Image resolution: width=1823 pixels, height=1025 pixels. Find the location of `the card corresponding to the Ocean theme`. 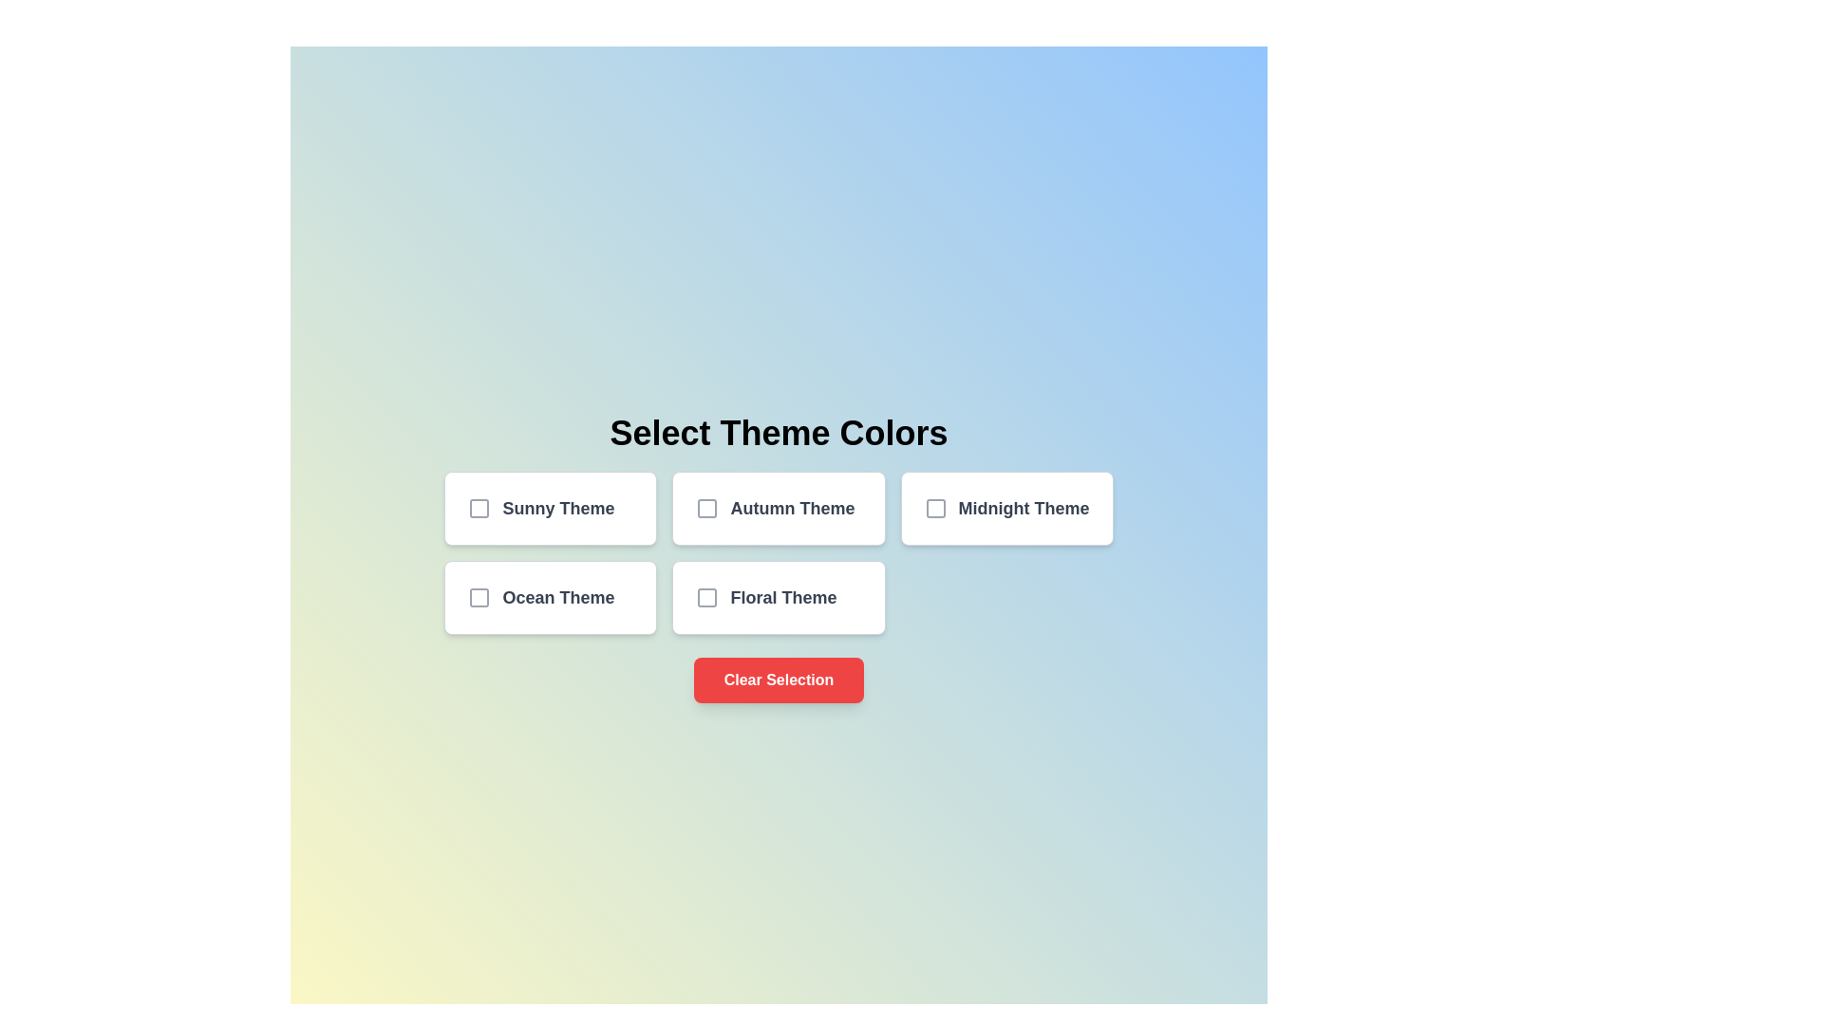

the card corresponding to the Ocean theme is located at coordinates (550, 596).